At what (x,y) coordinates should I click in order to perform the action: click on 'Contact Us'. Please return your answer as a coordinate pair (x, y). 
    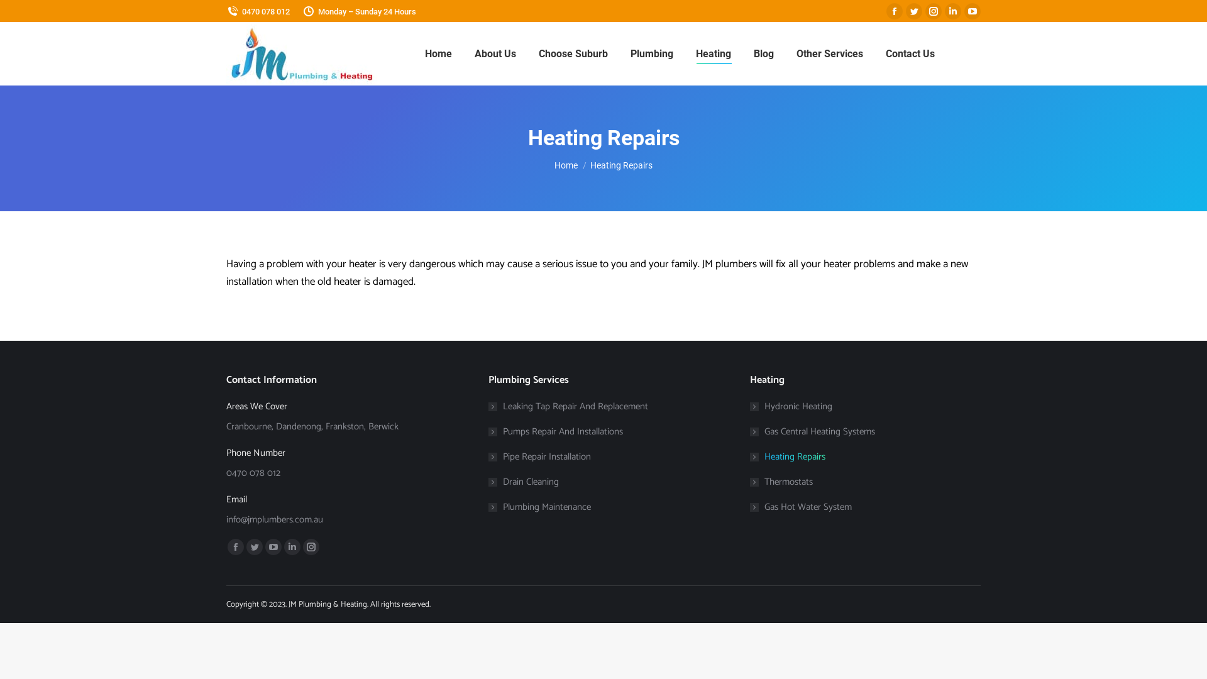
    Looking at the image, I should click on (909, 53).